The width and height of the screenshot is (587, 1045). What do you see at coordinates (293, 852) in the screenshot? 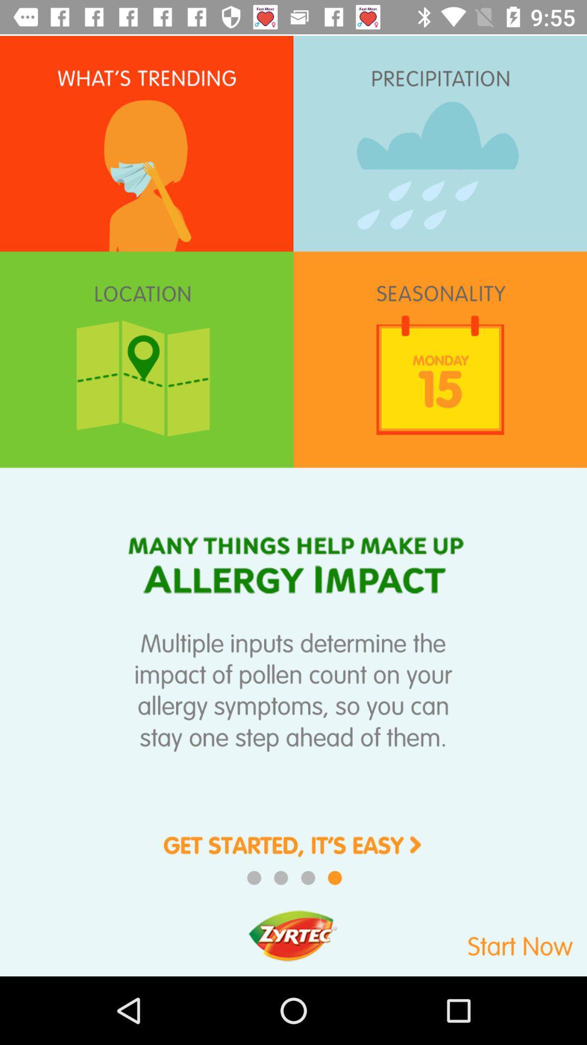
I see `next page` at bounding box center [293, 852].